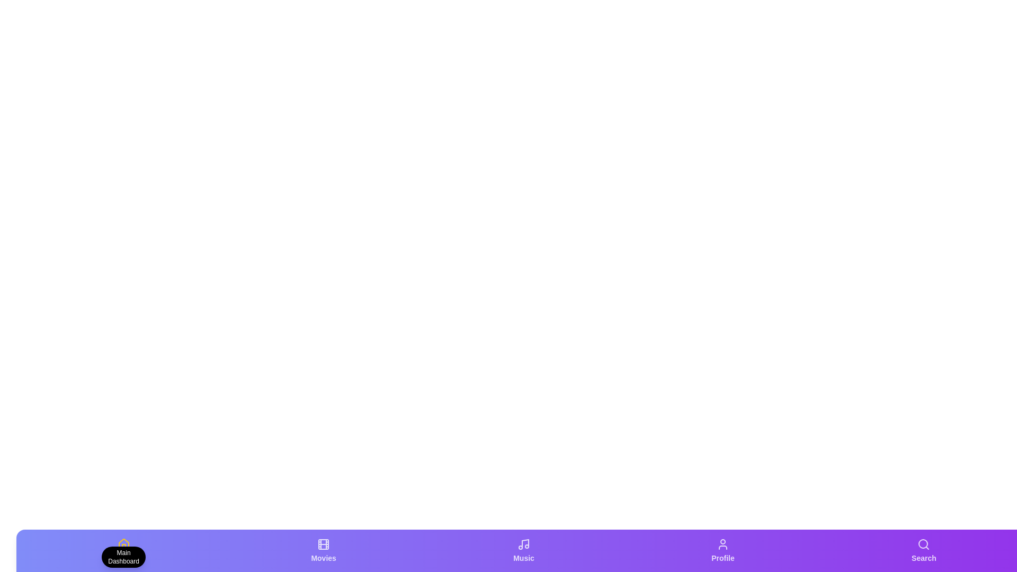 This screenshot has width=1017, height=572. I want to click on the Music tab by clicking on it, so click(523, 550).